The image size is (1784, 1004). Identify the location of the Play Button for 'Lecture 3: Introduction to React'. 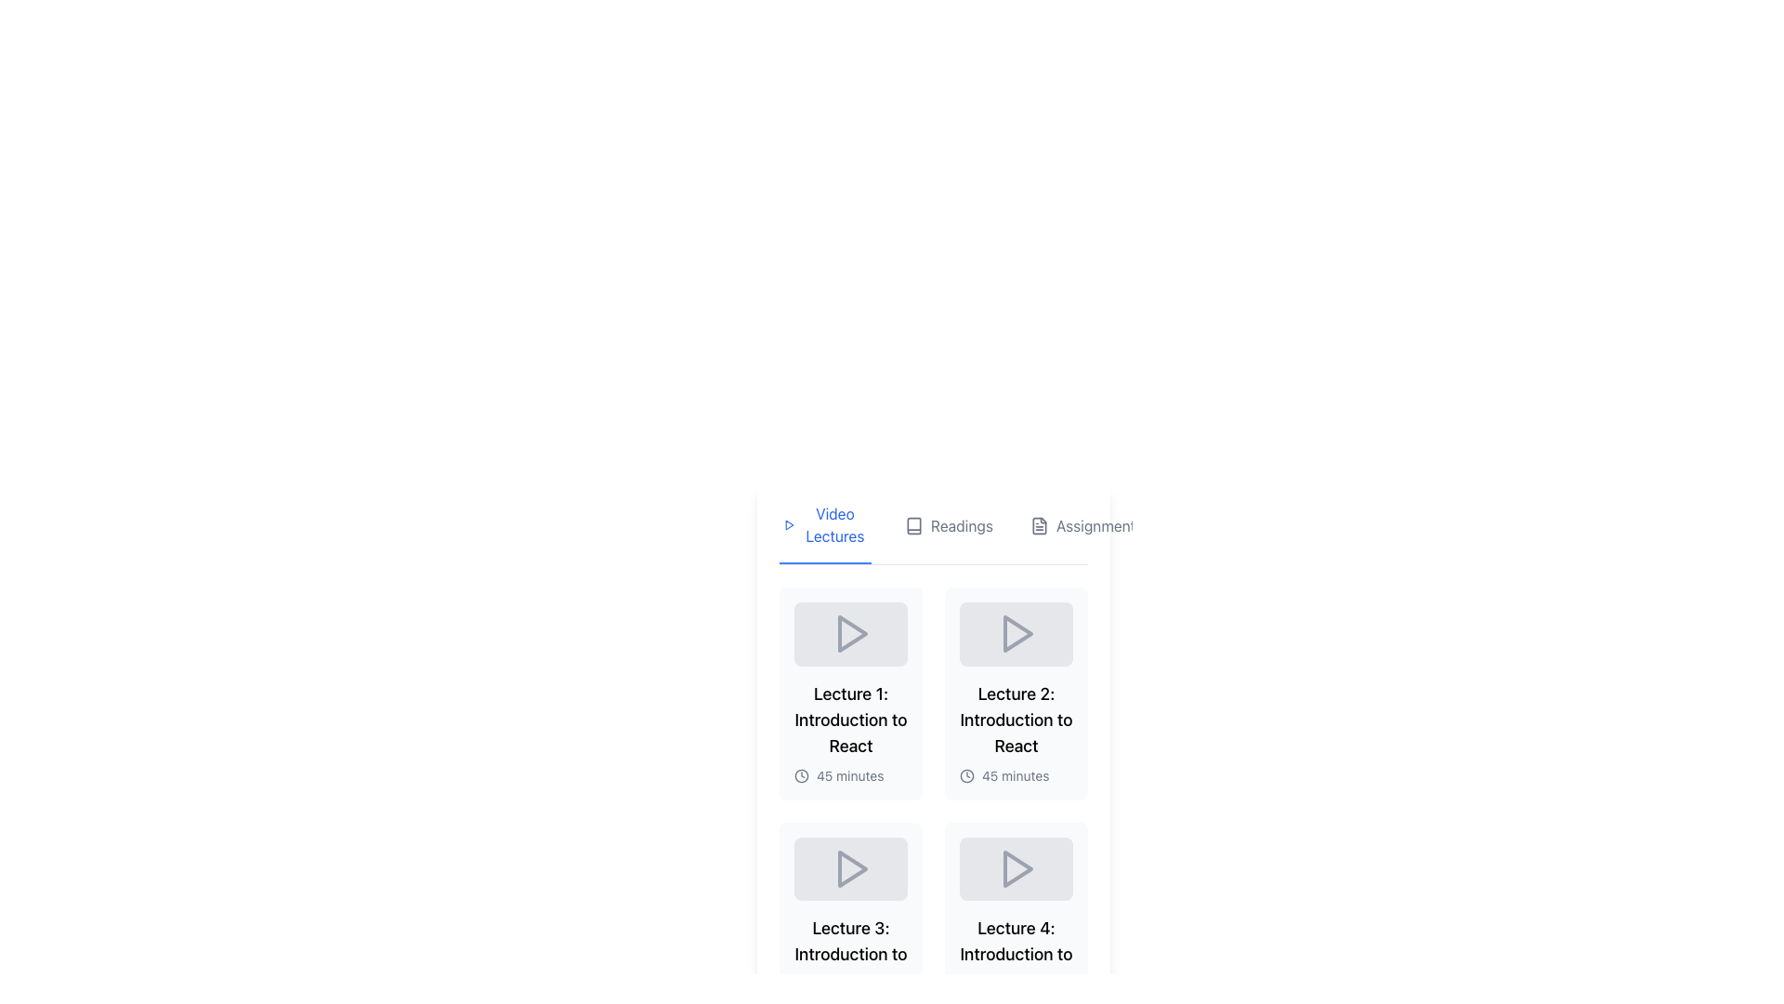
(850, 867).